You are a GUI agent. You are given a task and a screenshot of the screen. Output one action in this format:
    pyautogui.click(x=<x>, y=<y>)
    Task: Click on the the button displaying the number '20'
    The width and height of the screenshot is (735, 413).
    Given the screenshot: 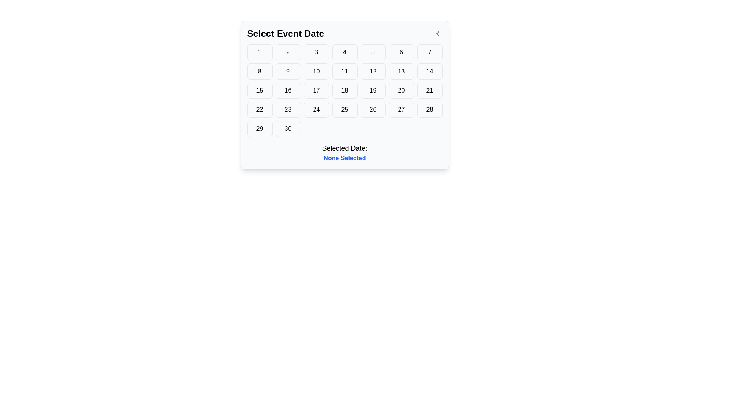 What is the action you would take?
    pyautogui.click(x=401, y=90)
    